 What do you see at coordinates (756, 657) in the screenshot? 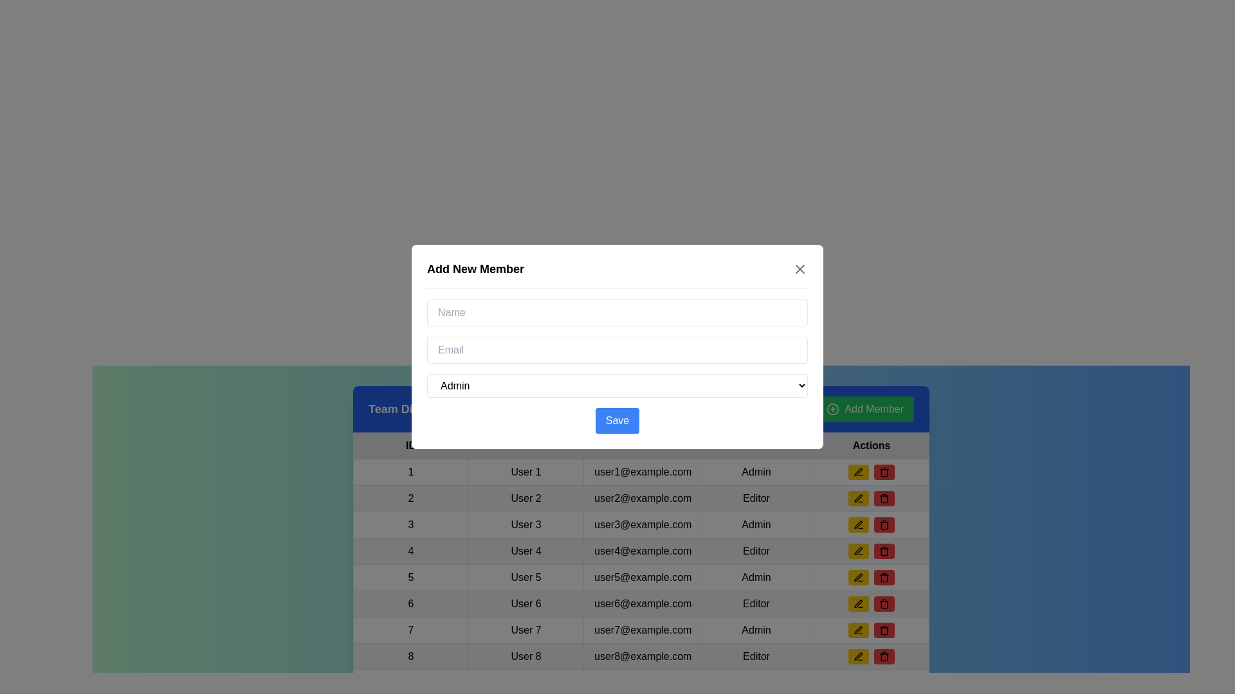
I see `the 'Editor' text label, which is the fourth element in its row, displayed in a plain sans-serif font and centered within a bordered, slightly shaded rectangular cell` at bounding box center [756, 657].